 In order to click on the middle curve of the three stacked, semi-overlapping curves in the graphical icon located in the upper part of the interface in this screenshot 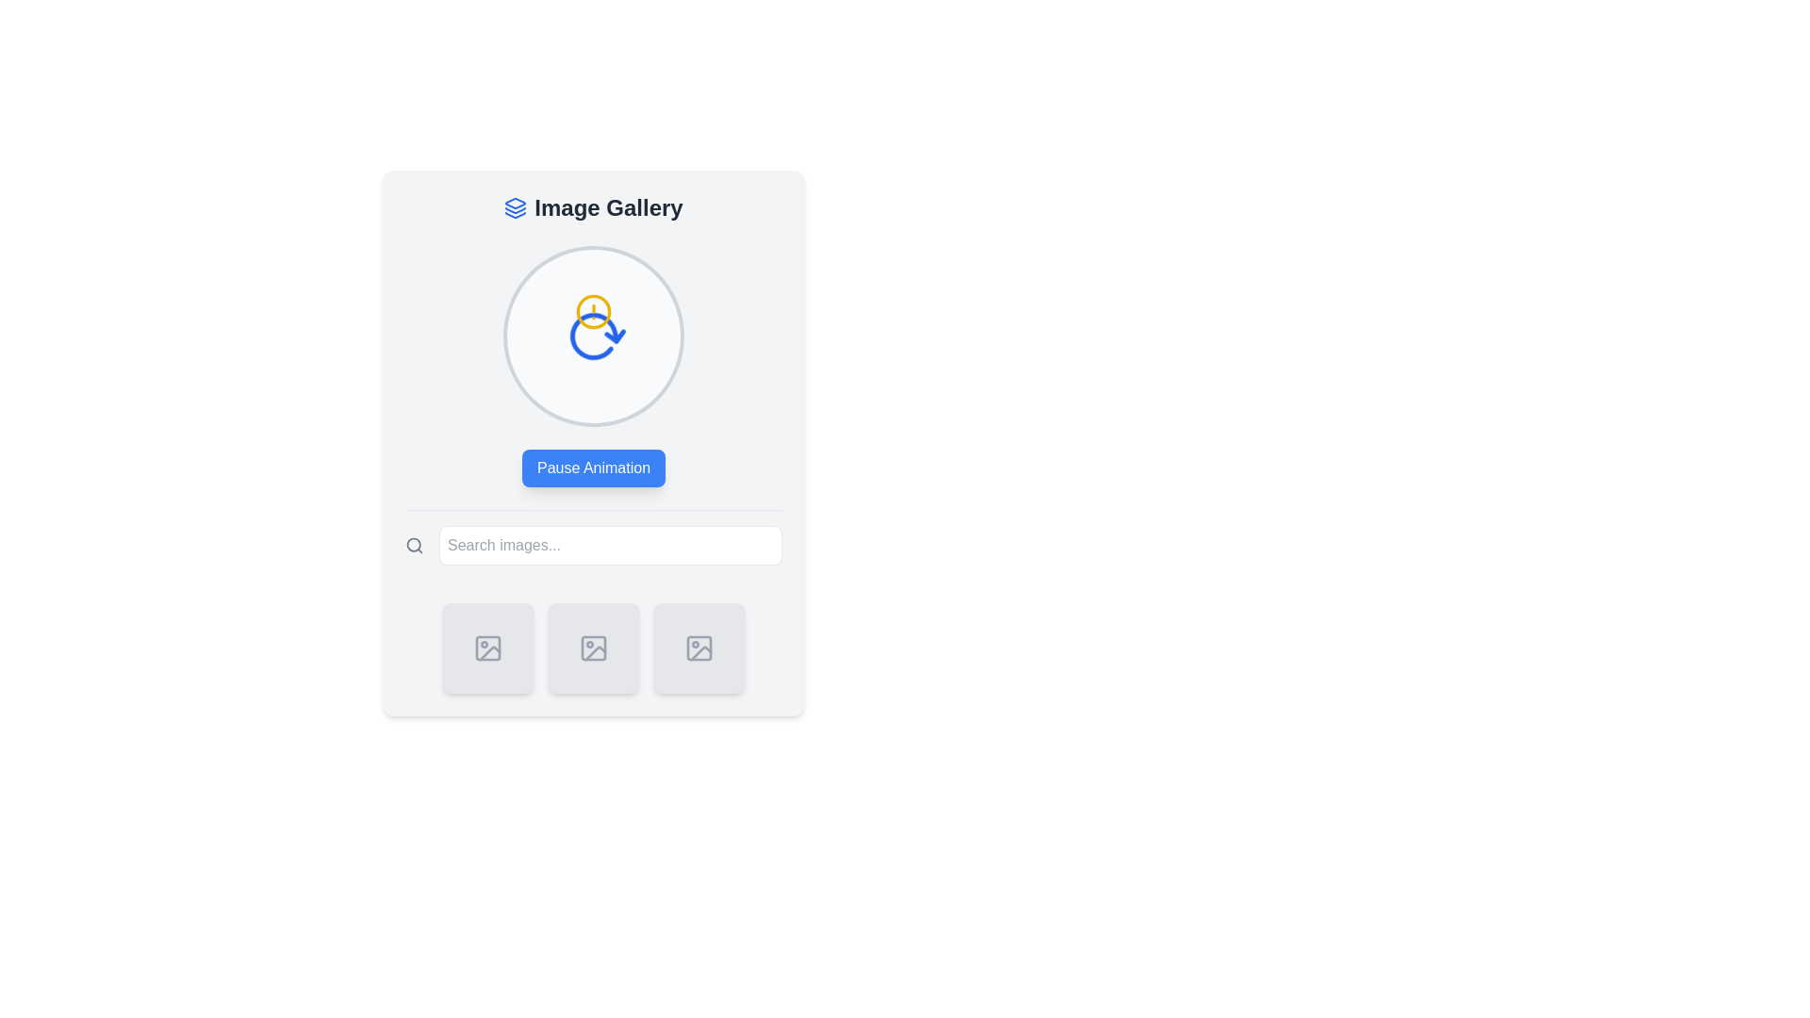, I will do `click(516, 210)`.